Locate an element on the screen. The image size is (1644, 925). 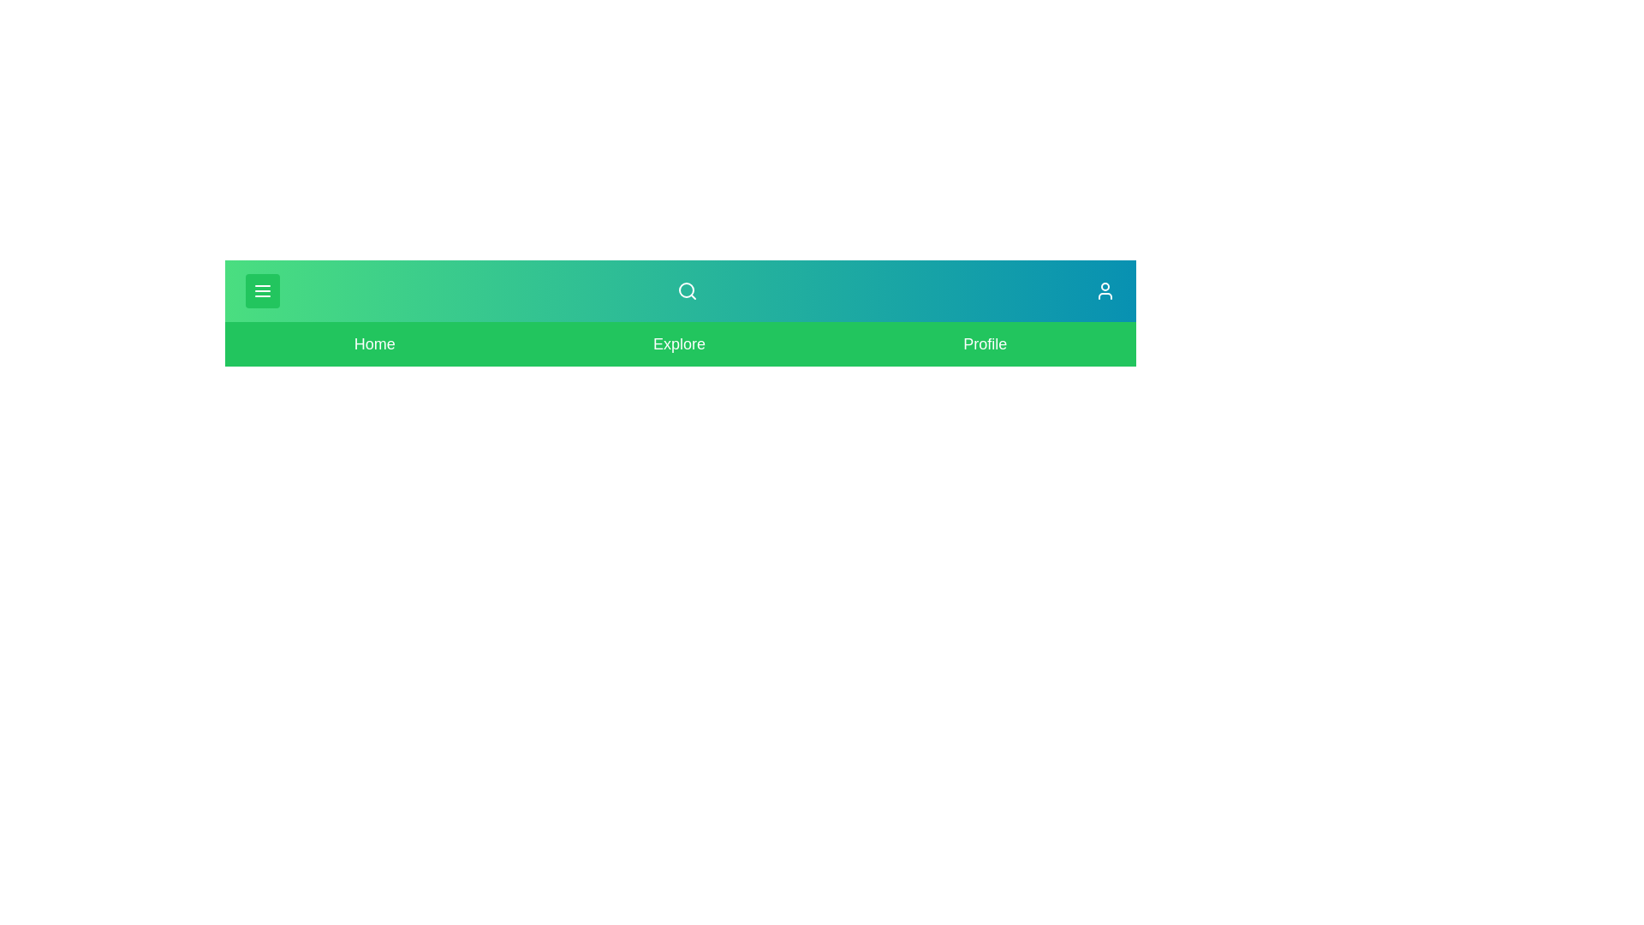
the profile icon to interact with it is located at coordinates (1105, 289).